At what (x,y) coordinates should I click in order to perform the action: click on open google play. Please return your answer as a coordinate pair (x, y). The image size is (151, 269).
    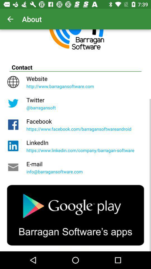
    Looking at the image, I should click on (75, 215).